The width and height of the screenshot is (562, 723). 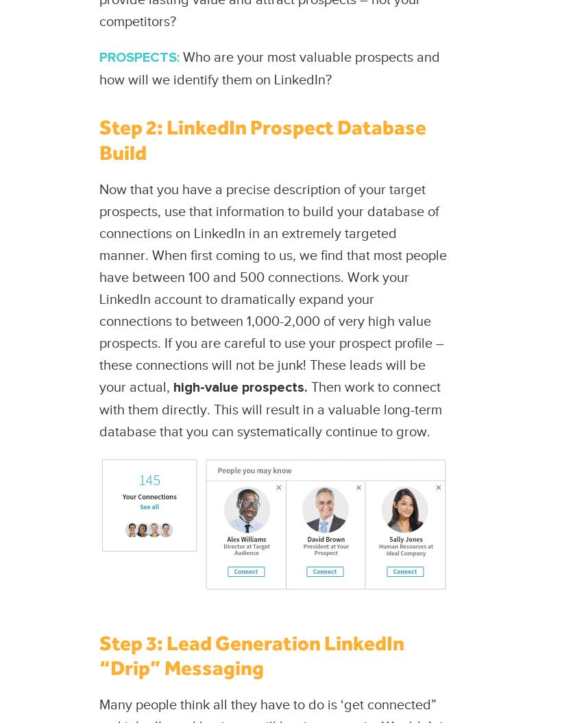 What do you see at coordinates (13, 121) in the screenshot?
I see `'Healthcare SaaS Offerings'` at bounding box center [13, 121].